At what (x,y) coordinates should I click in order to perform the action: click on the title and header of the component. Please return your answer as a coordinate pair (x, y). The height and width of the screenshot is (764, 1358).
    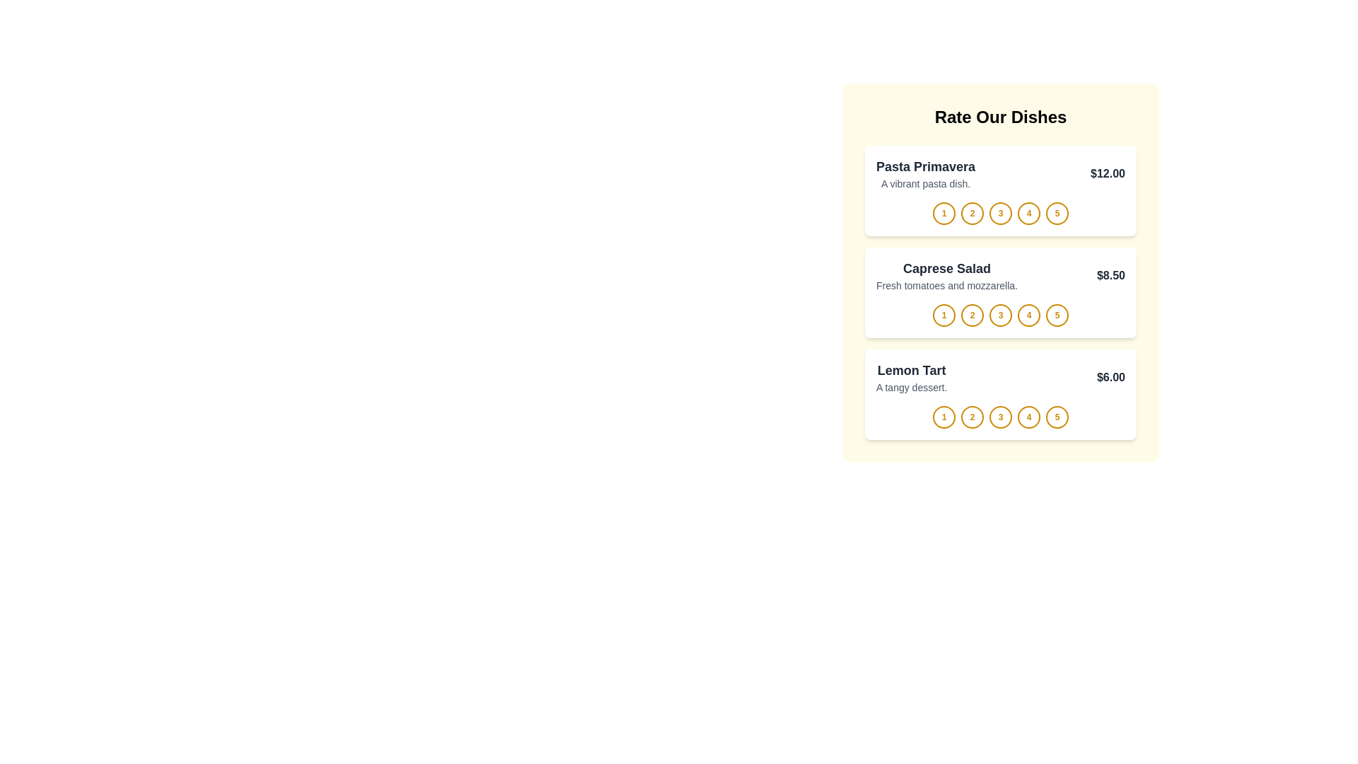
    Looking at the image, I should click on (1000, 116).